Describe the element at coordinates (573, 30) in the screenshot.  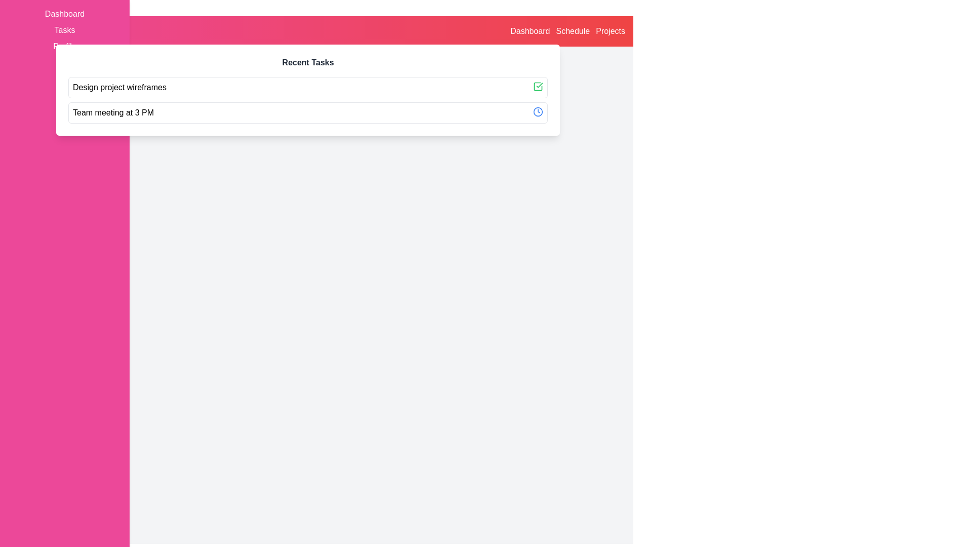
I see `the 'Schedule' navigation link, which is the second link in the top-right horizontal navigation bar` at that location.